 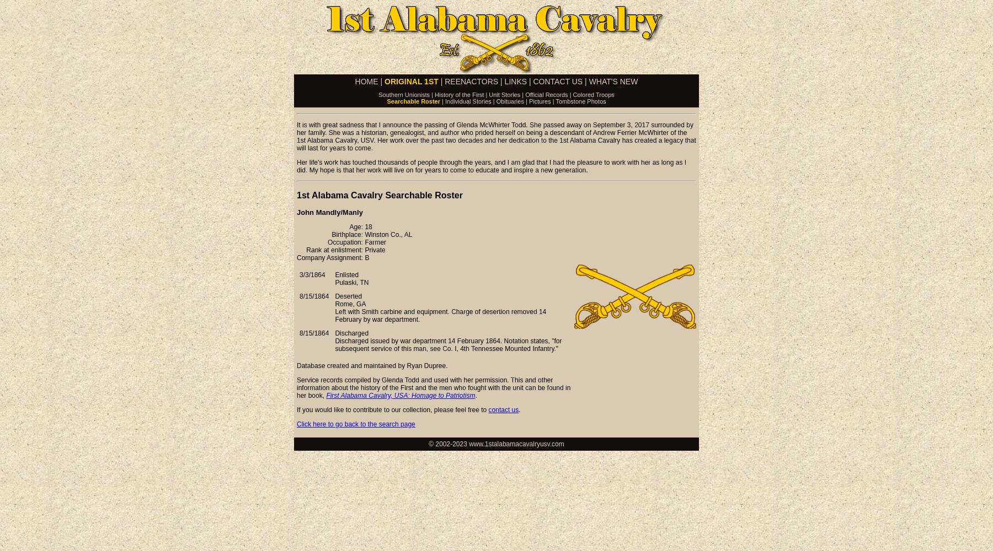 I want to click on '18', so click(x=368, y=227).